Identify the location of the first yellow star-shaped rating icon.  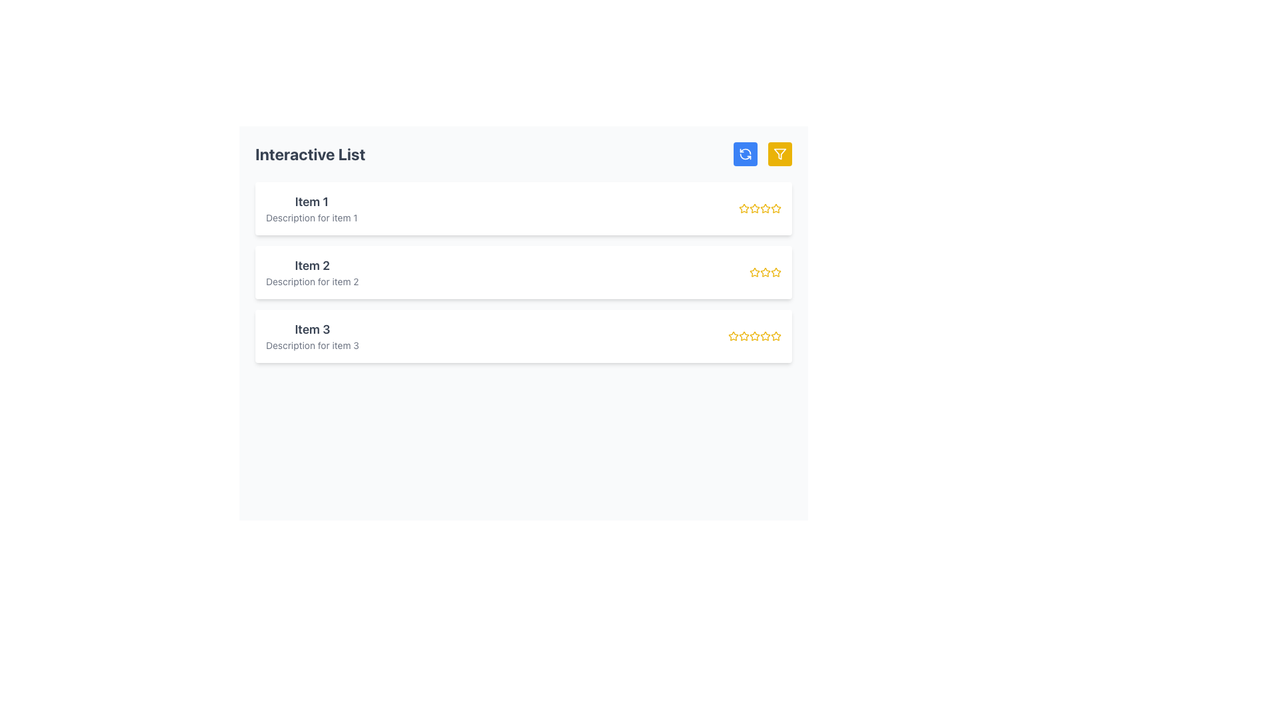
(733, 335).